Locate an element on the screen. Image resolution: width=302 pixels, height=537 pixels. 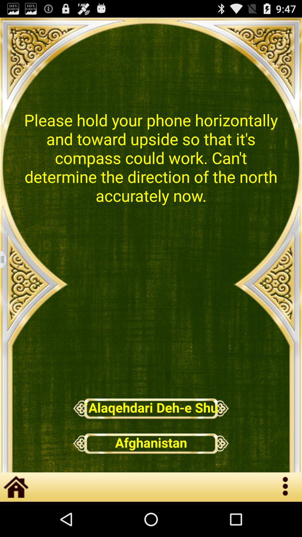
roiling page is located at coordinates (6, 259).